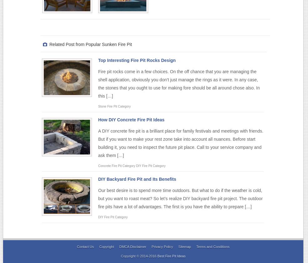 This screenshot has width=308, height=263. I want to click on 'Fire pit rocks come in a few choices. On the off chance that you are managing the shell application, obviously you don’t just manage the rings as it were. In any case, the stones that you ought to use for making fore should be all around chose also. In this […]', so click(98, 83).